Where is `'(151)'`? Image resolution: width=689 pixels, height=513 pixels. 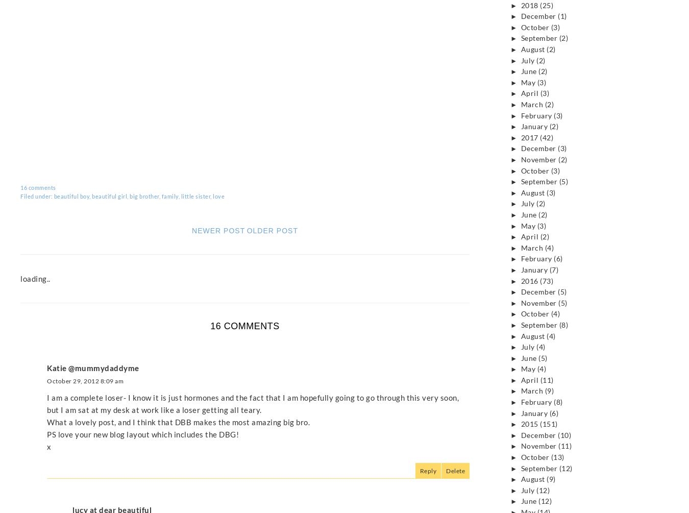
'(151)' is located at coordinates (549, 424).